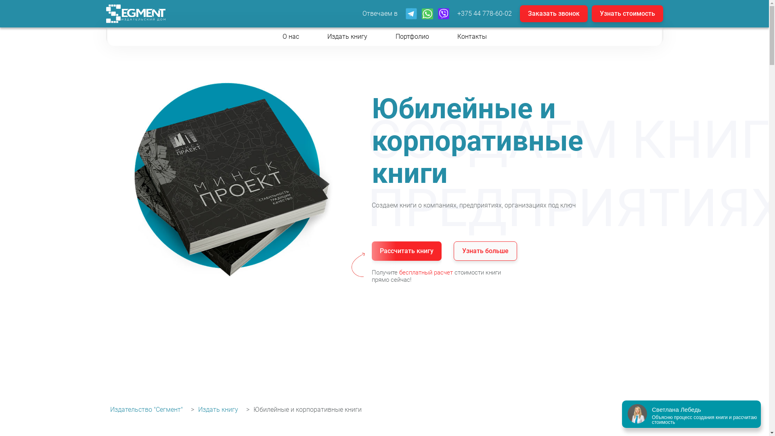 This screenshot has height=436, width=775. What do you see at coordinates (484, 14) in the screenshot?
I see `'+375 44 778-60-02'` at bounding box center [484, 14].